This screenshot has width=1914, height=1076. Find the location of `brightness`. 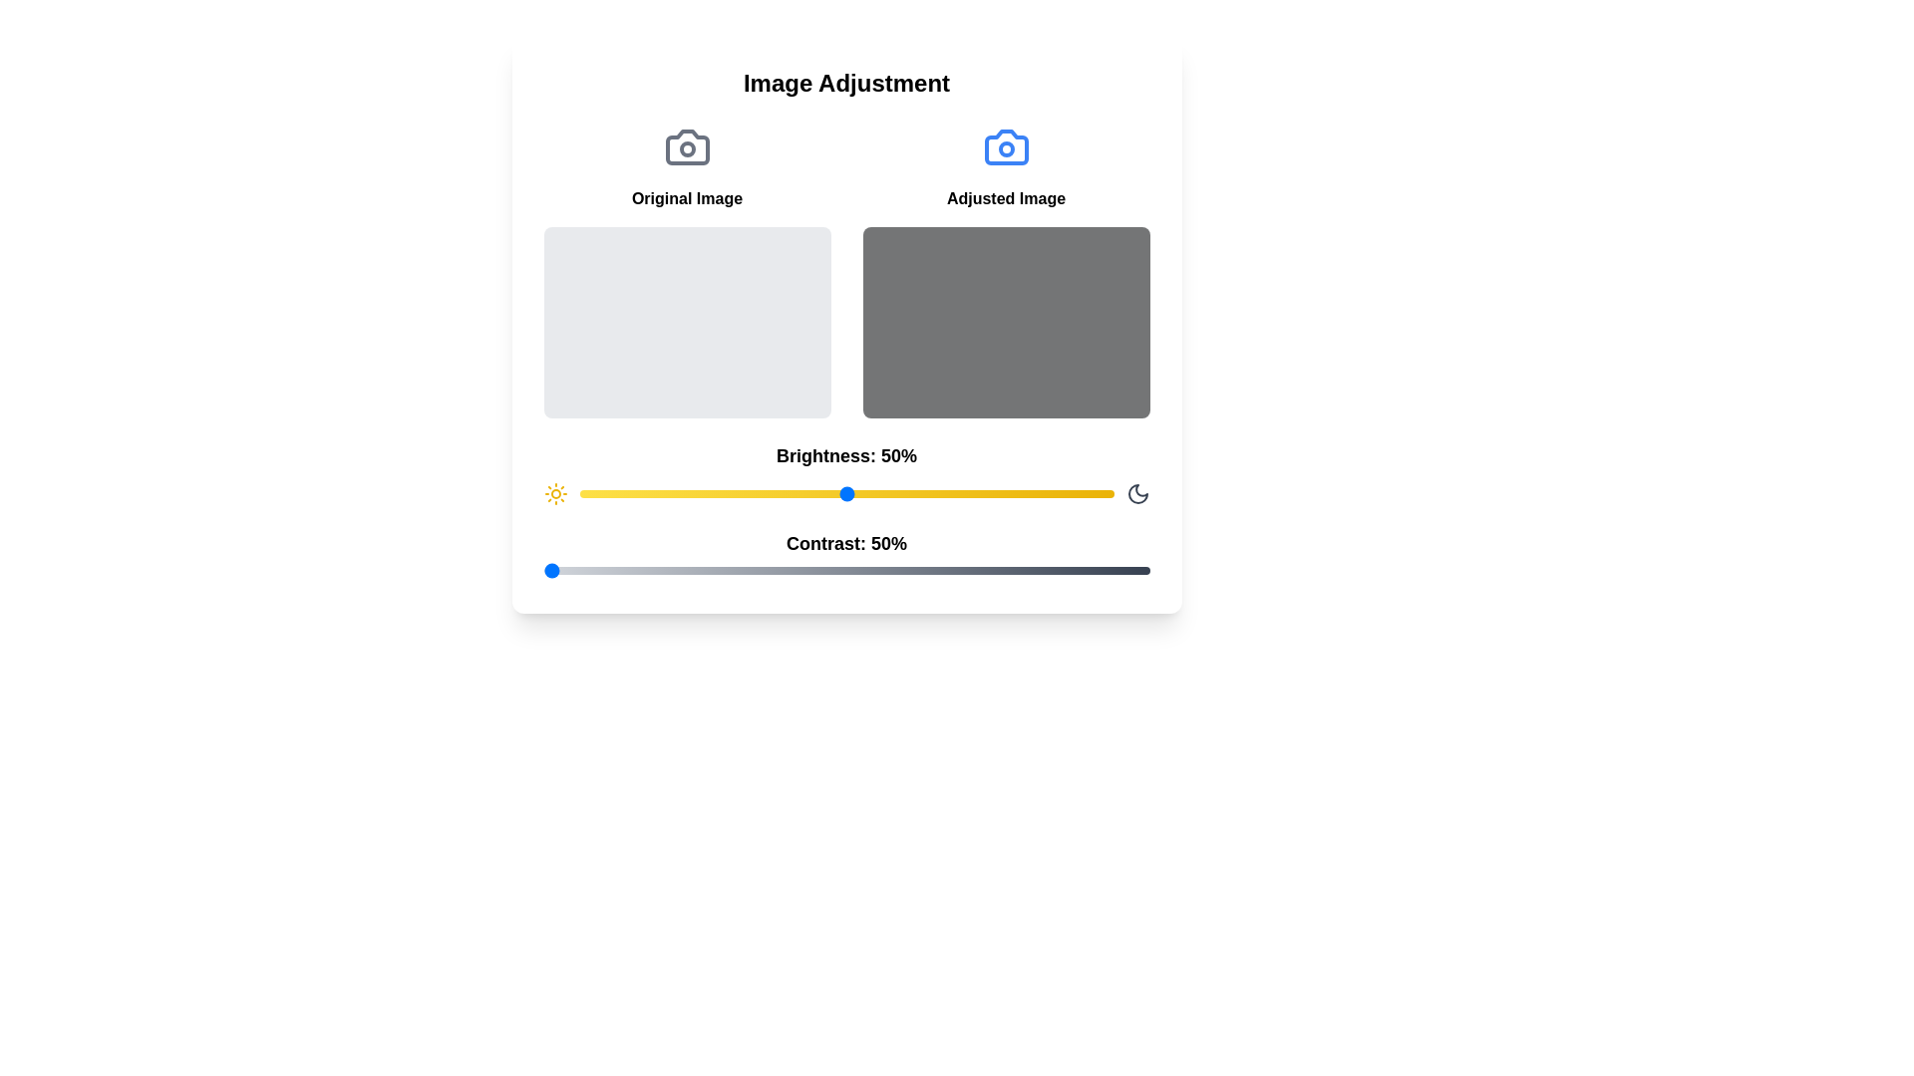

brightness is located at coordinates (713, 493).